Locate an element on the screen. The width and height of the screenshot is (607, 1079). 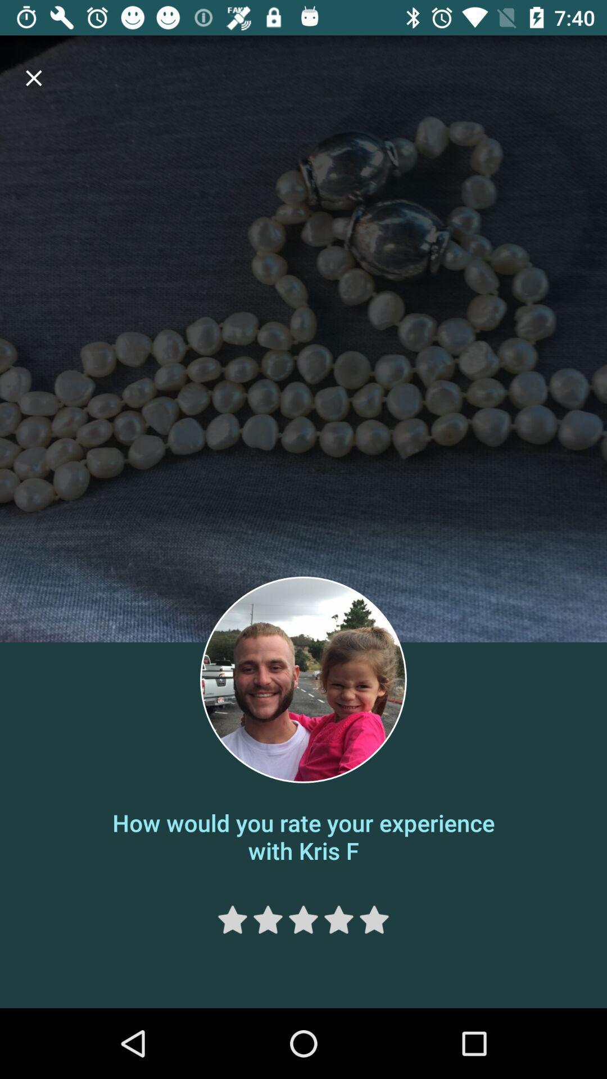
choose five star rating is located at coordinates (374, 919).